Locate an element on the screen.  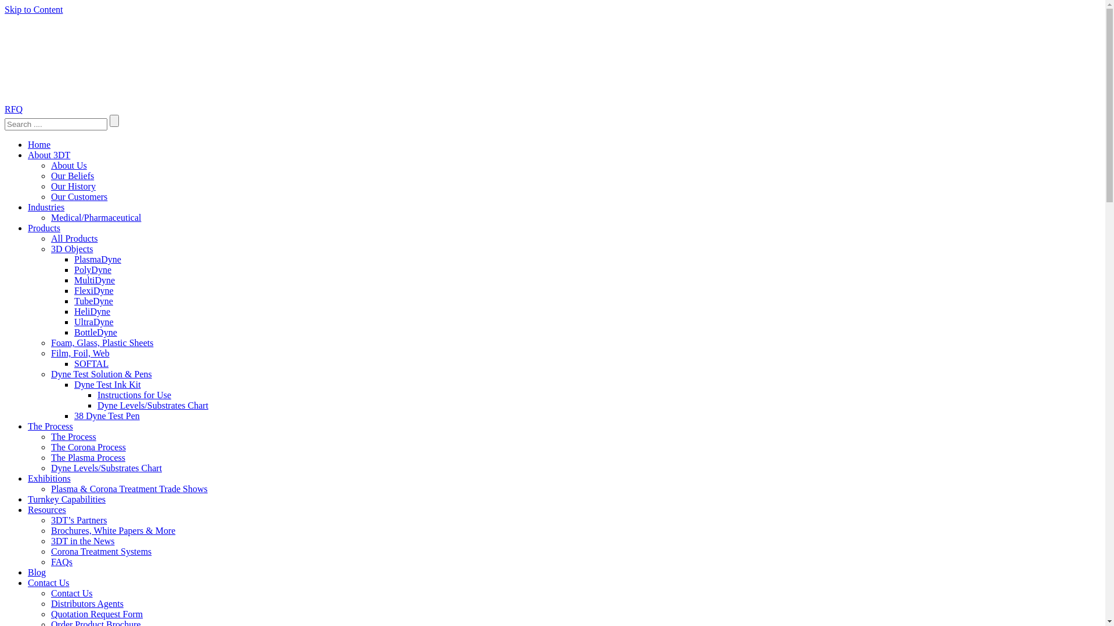
'Dyne Levels/Substrates Chart' is located at coordinates (152, 405).